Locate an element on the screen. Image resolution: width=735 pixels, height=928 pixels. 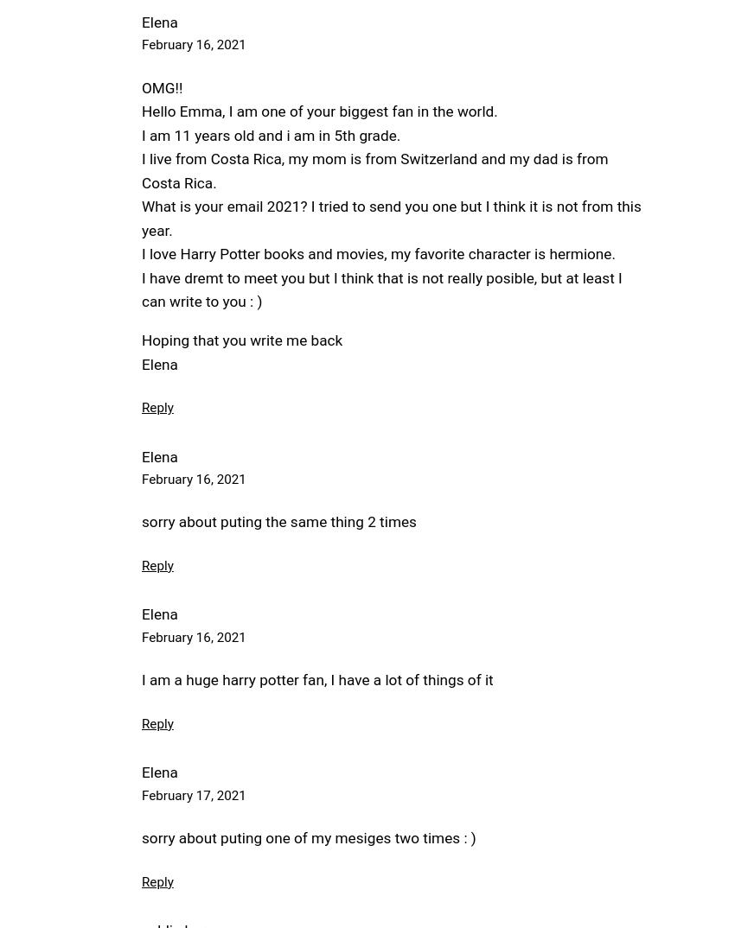
'I am a huge harry potter fan, I have a lot of things of it' is located at coordinates (316, 679).